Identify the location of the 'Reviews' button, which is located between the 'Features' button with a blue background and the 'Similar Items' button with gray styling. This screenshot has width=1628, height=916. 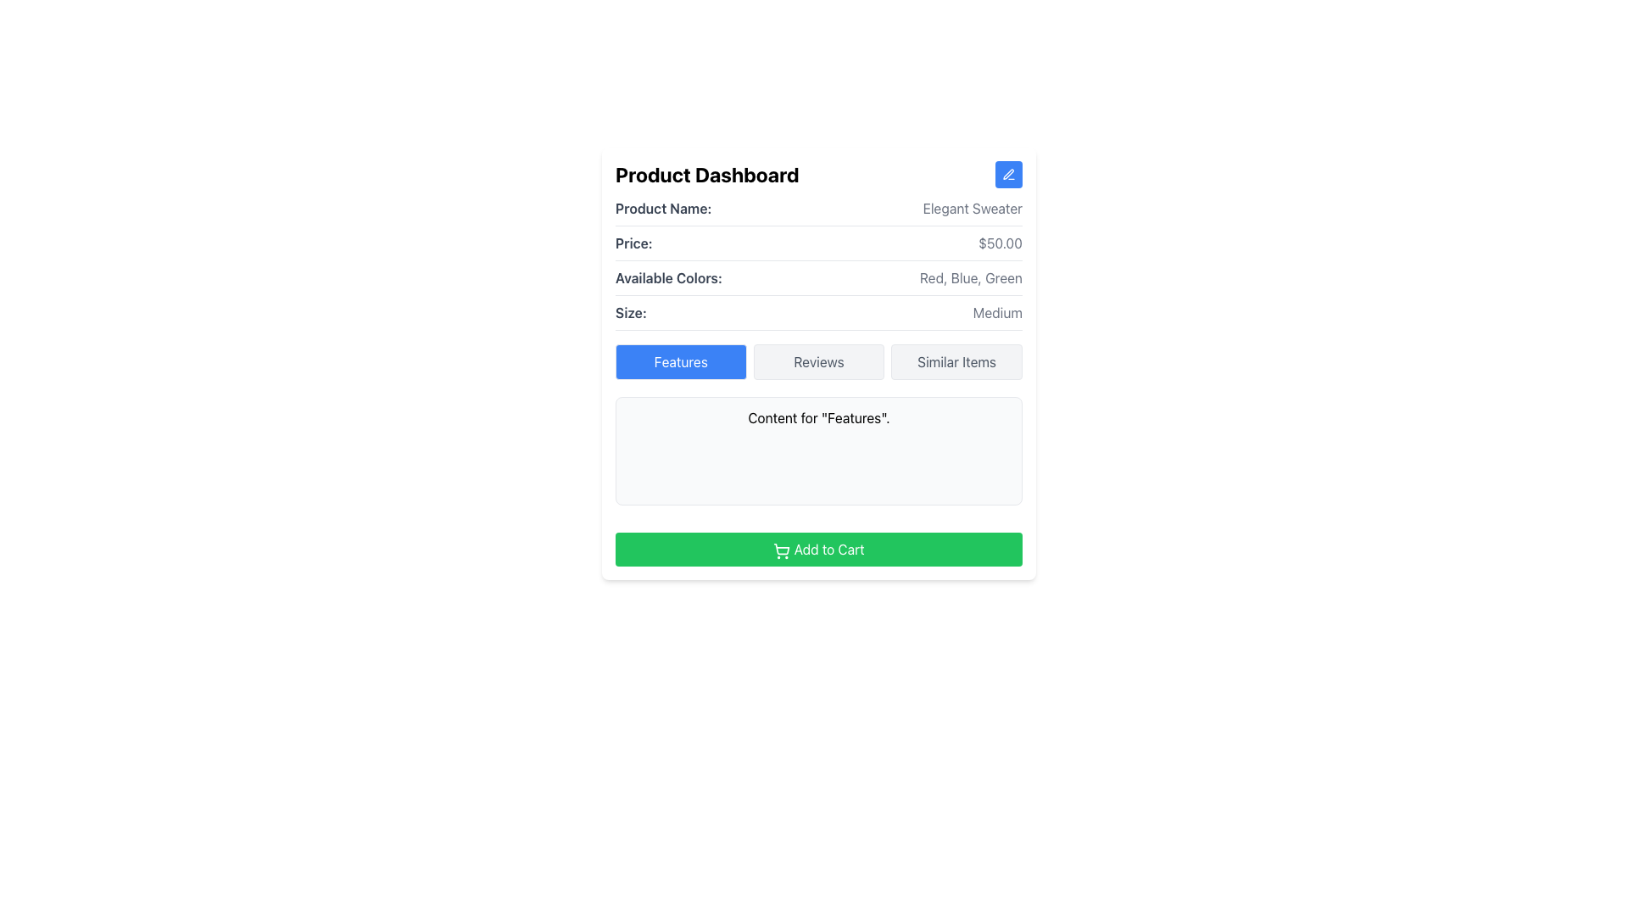
(818, 361).